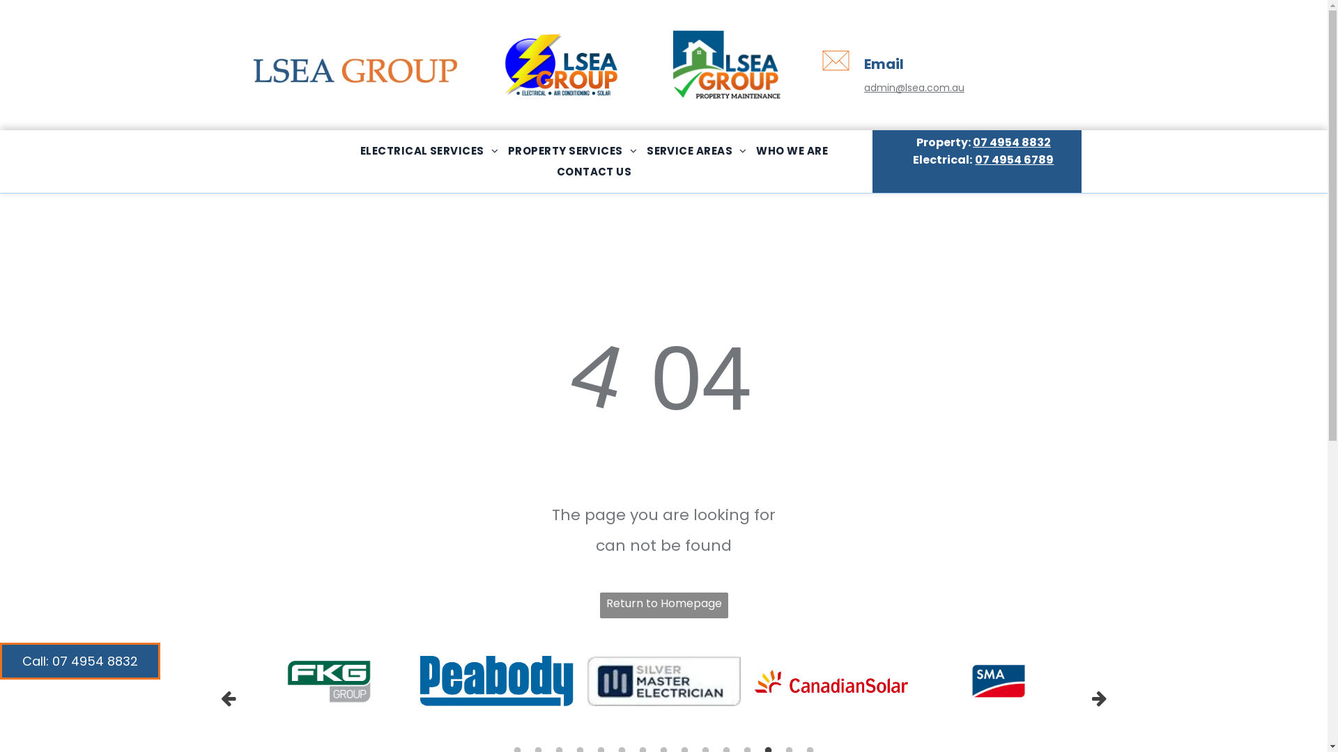  I want to click on 'https://masterelectricians.com.au/membership-package/pricing', so click(662, 680).